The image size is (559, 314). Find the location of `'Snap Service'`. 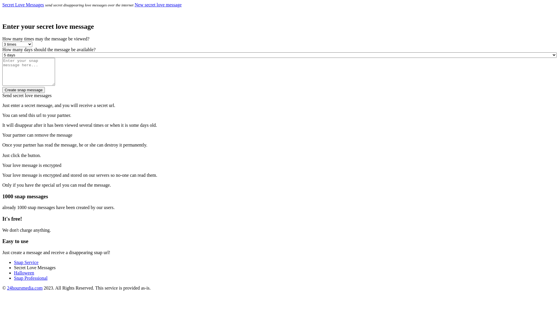

'Snap Service' is located at coordinates (14, 262).